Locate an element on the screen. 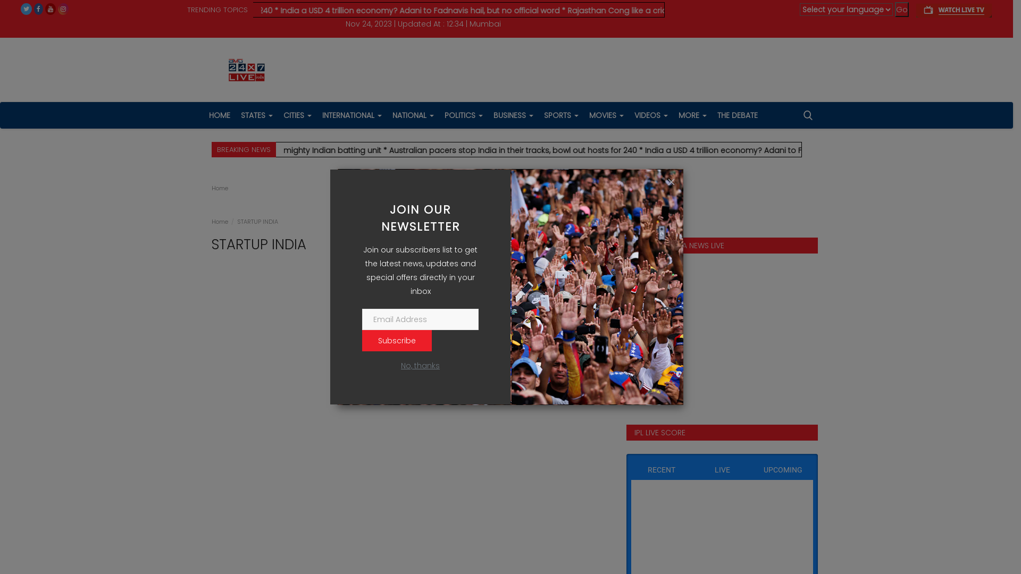 The image size is (1021, 574). 'CITIES' is located at coordinates (297, 115).